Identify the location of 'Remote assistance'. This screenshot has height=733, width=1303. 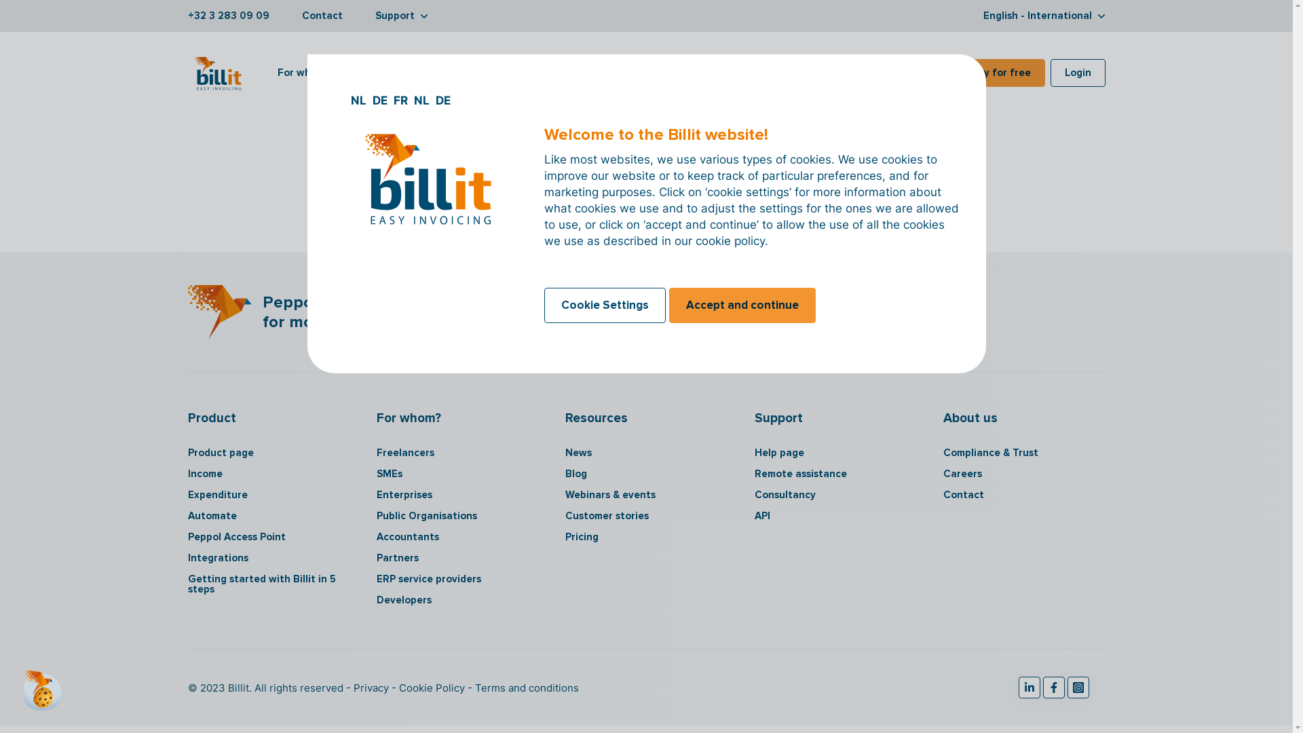
(754, 473).